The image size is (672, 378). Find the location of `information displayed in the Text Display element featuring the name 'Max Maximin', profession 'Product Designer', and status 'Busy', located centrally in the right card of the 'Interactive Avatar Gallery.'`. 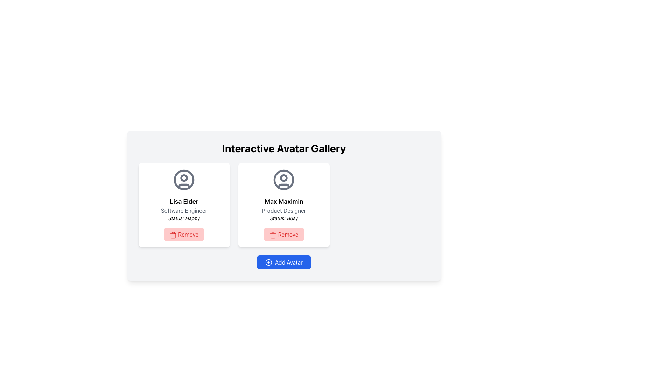

information displayed in the Text Display element featuring the name 'Max Maximin', profession 'Product Designer', and status 'Busy', located centrally in the right card of the 'Interactive Avatar Gallery.' is located at coordinates (284, 209).